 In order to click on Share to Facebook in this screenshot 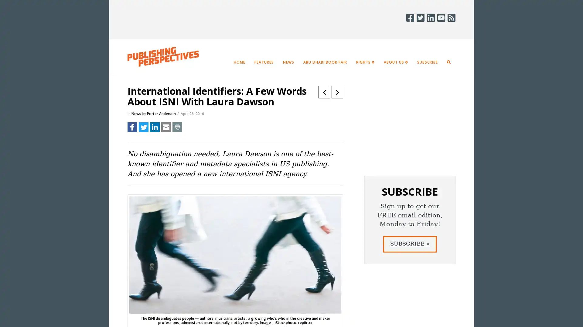, I will do `click(132, 127)`.